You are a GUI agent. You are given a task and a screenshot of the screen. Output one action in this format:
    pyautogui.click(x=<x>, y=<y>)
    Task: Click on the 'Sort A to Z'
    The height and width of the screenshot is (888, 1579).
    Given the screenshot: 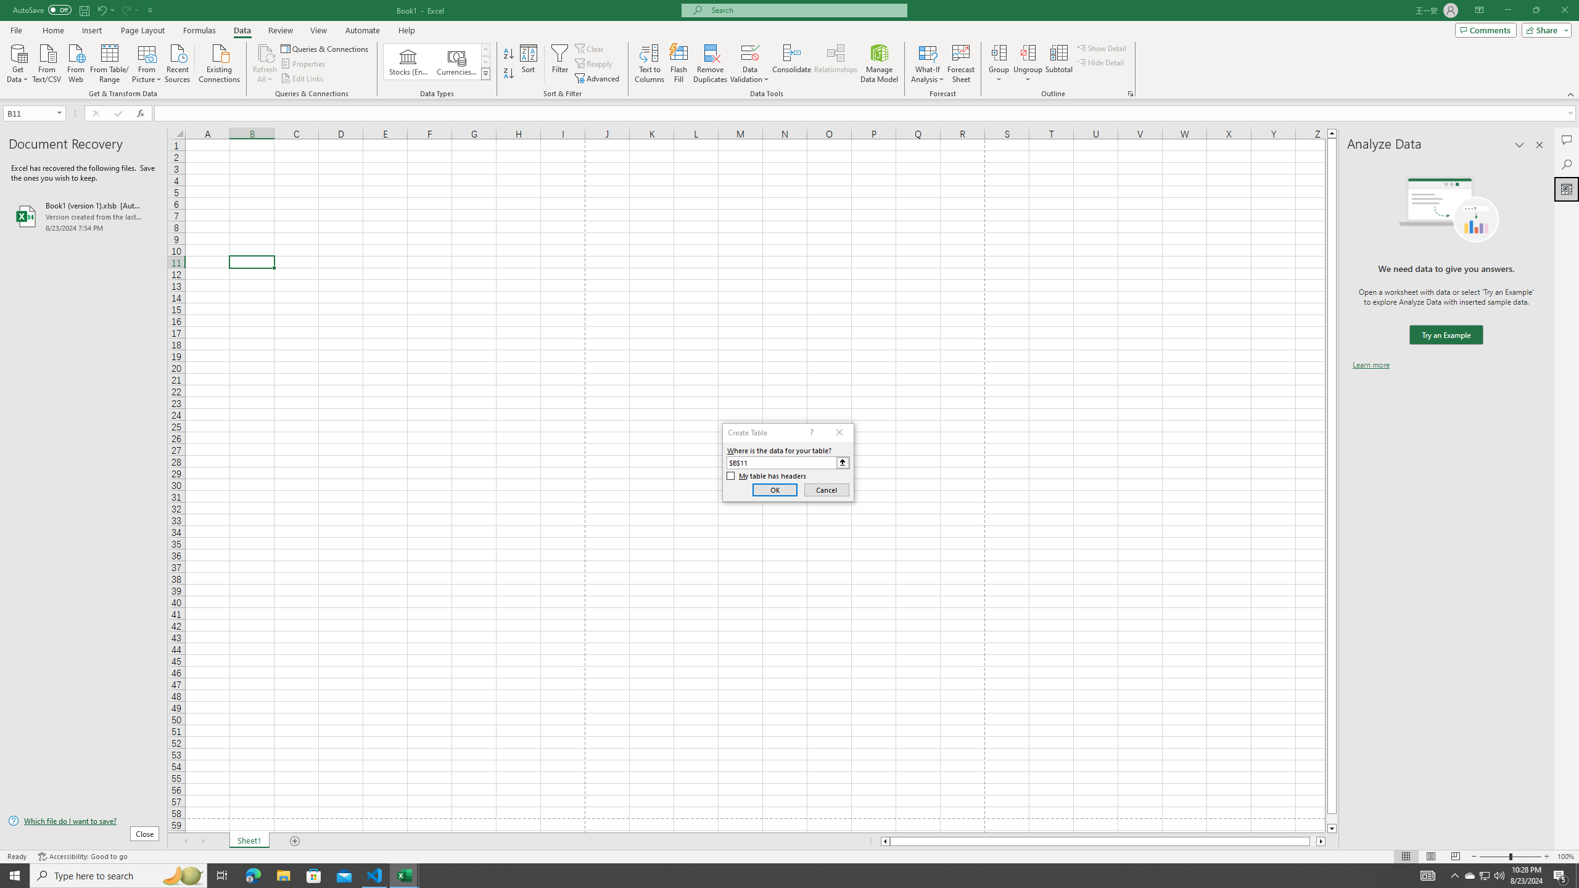 What is the action you would take?
    pyautogui.click(x=508, y=54)
    